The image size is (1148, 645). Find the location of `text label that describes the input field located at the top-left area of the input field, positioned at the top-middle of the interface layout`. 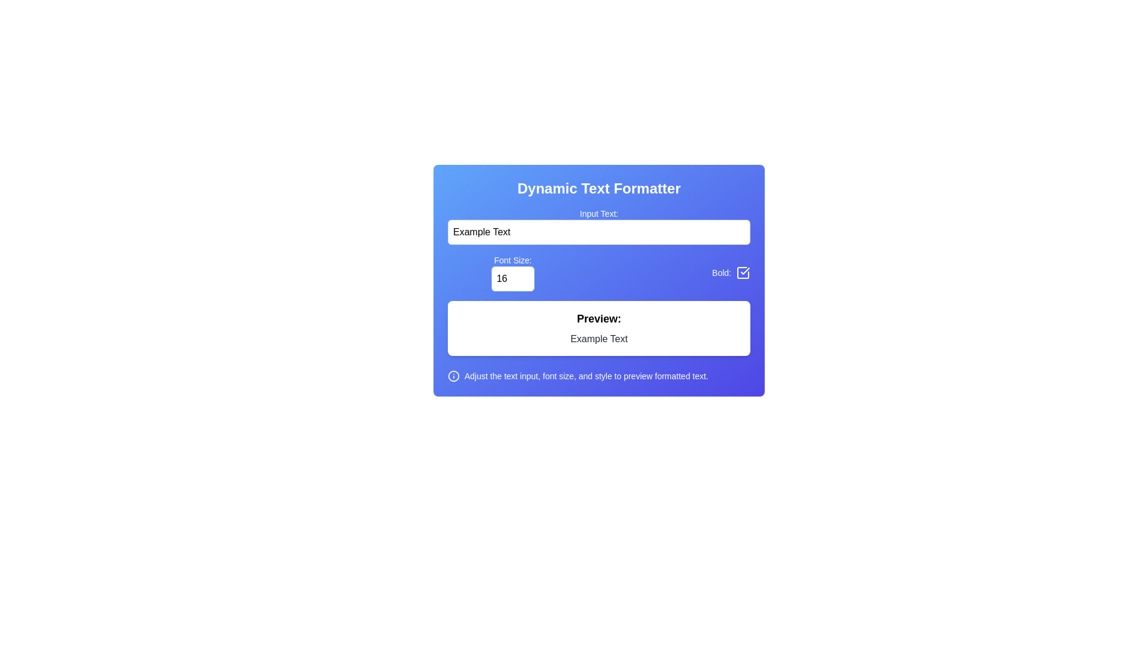

text label that describes the input field located at the top-left area of the input field, positioned at the top-middle of the interface layout is located at coordinates (599, 213).